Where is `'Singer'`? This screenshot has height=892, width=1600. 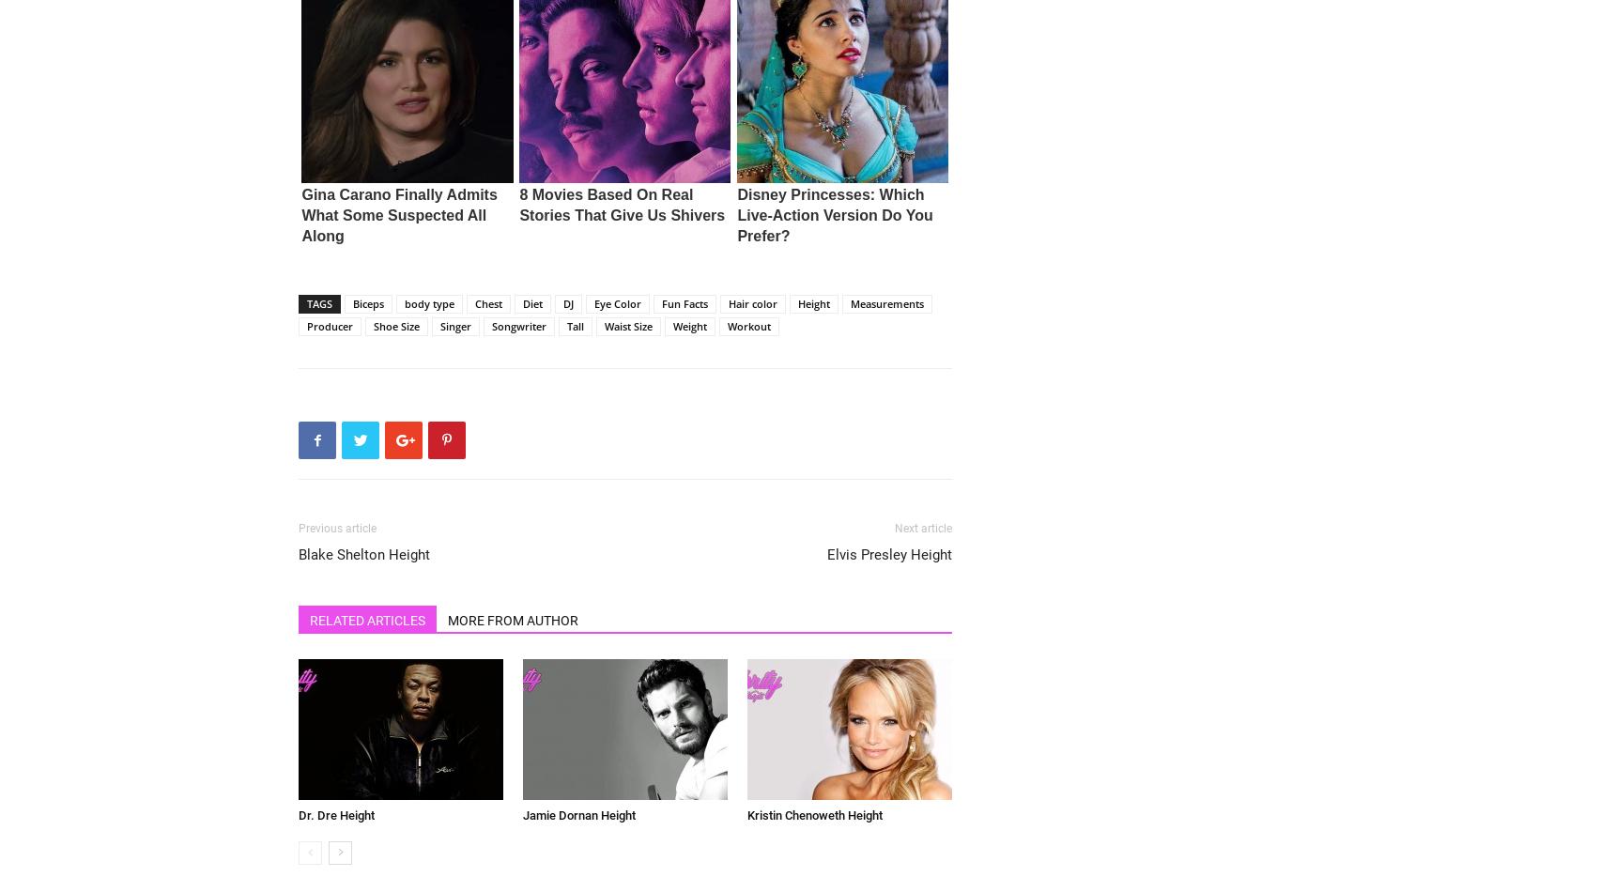 'Singer' is located at coordinates (455, 325).